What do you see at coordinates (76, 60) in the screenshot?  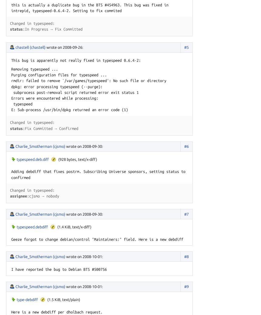 I see `'This bug is apparently not really fixed in typespeed 0.6.4-2:'` at bounding box center [76, 60].